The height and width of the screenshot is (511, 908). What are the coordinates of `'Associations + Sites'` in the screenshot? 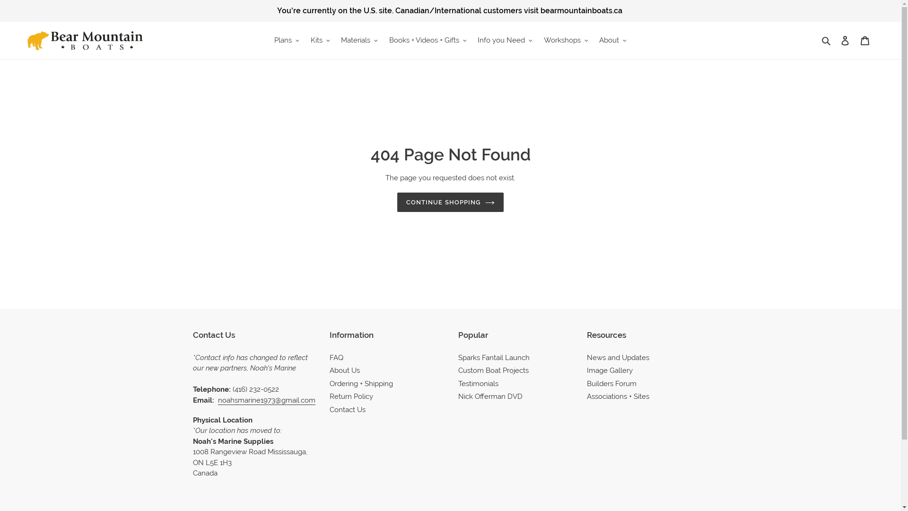 It's located at (618, 396).